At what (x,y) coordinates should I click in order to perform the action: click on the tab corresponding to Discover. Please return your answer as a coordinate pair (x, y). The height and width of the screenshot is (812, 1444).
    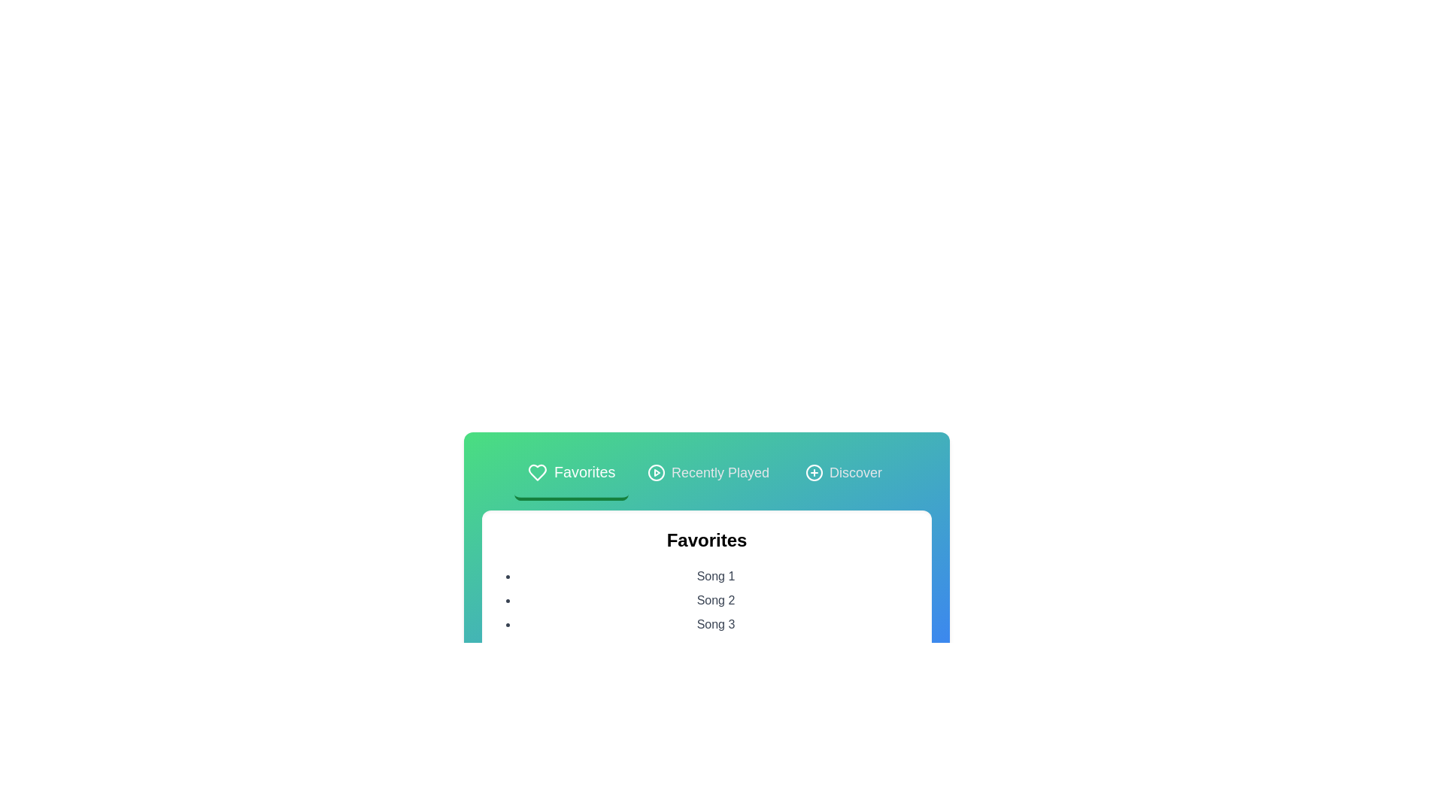
    Looking at the image, I should click on (844, 474).